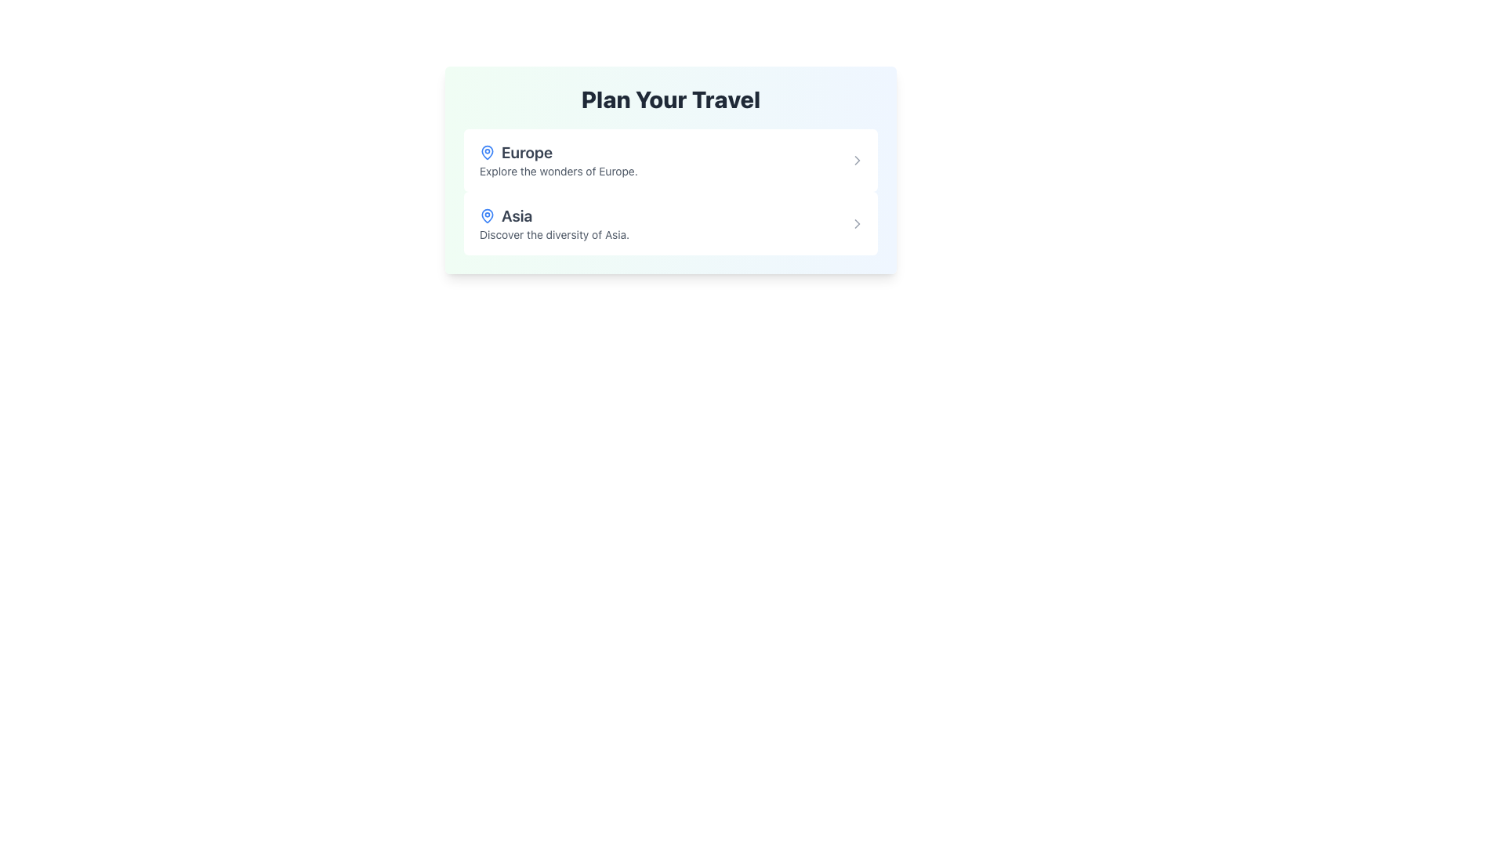  Describe the element at coordinates (558, 160) in the screenshot. I see `the button-like list item displaying 'Europe'` at that location.